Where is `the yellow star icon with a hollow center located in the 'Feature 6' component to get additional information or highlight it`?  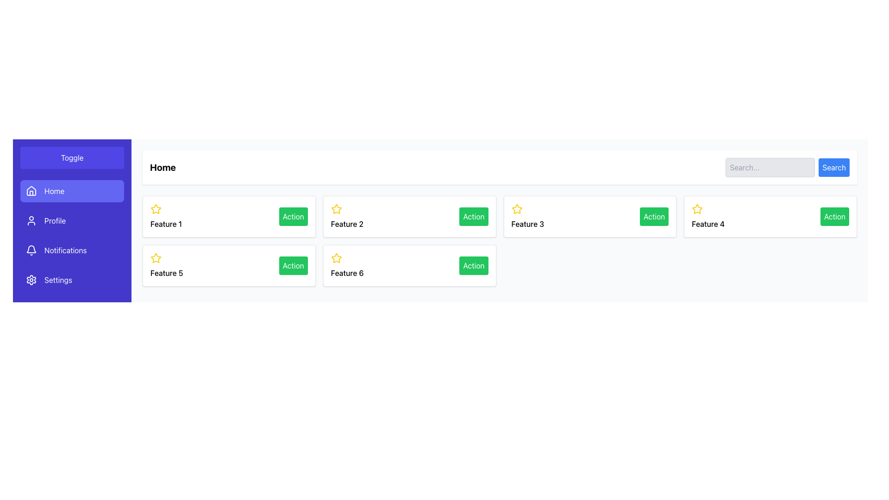 the yellow star icon with a hollow center located in the 'Feature 6' component to get additional information or highlight it is located at coordinates (336, 258).